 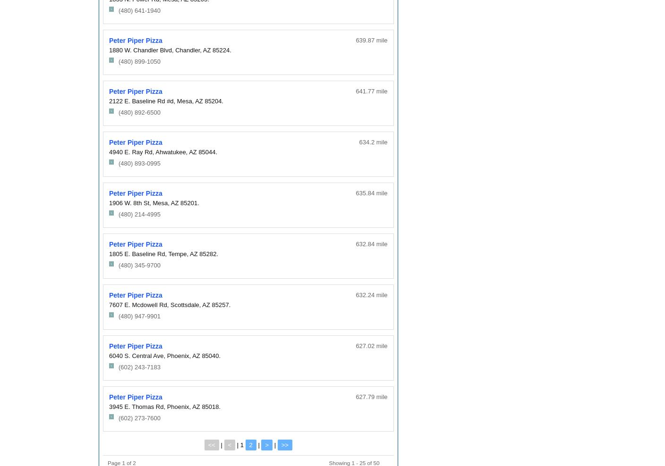 I want to click on '7607 E. Mcdowell Rd,', so click(x=109, y=304).